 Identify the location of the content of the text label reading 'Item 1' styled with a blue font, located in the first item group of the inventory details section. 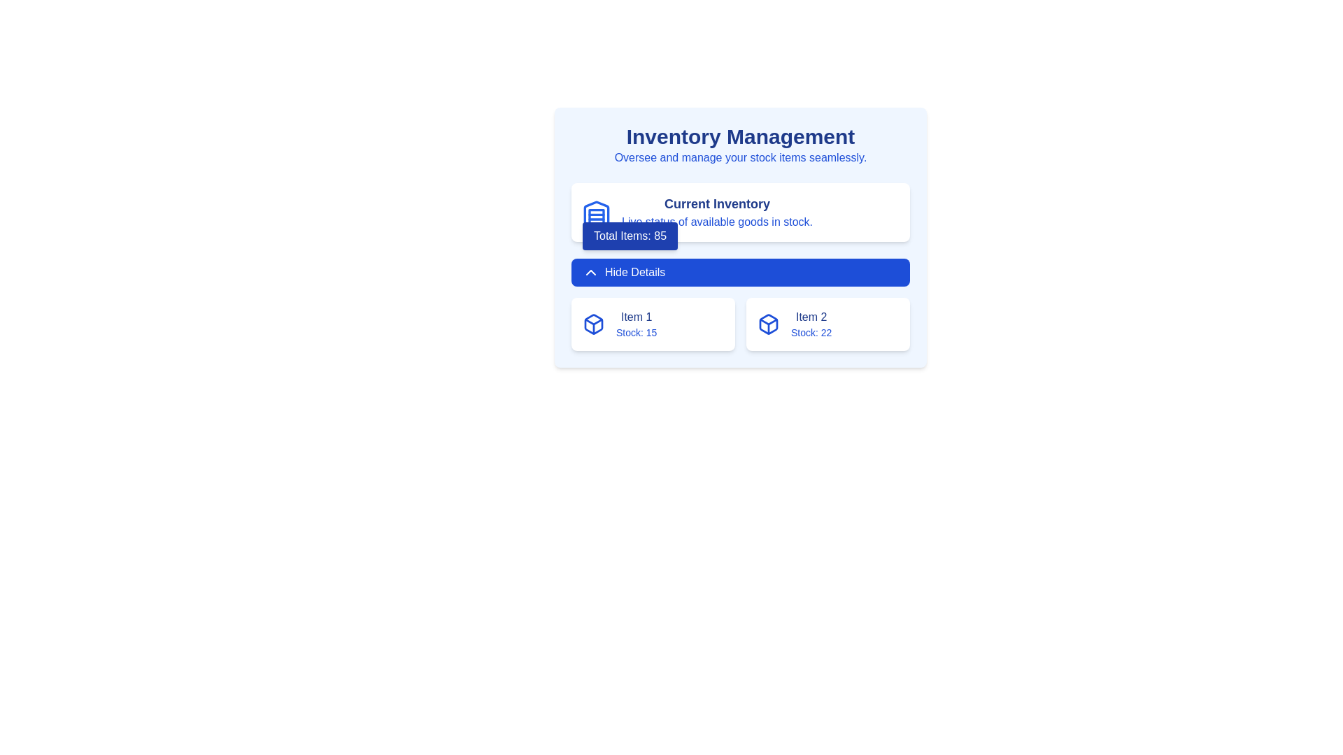
(636, 317).